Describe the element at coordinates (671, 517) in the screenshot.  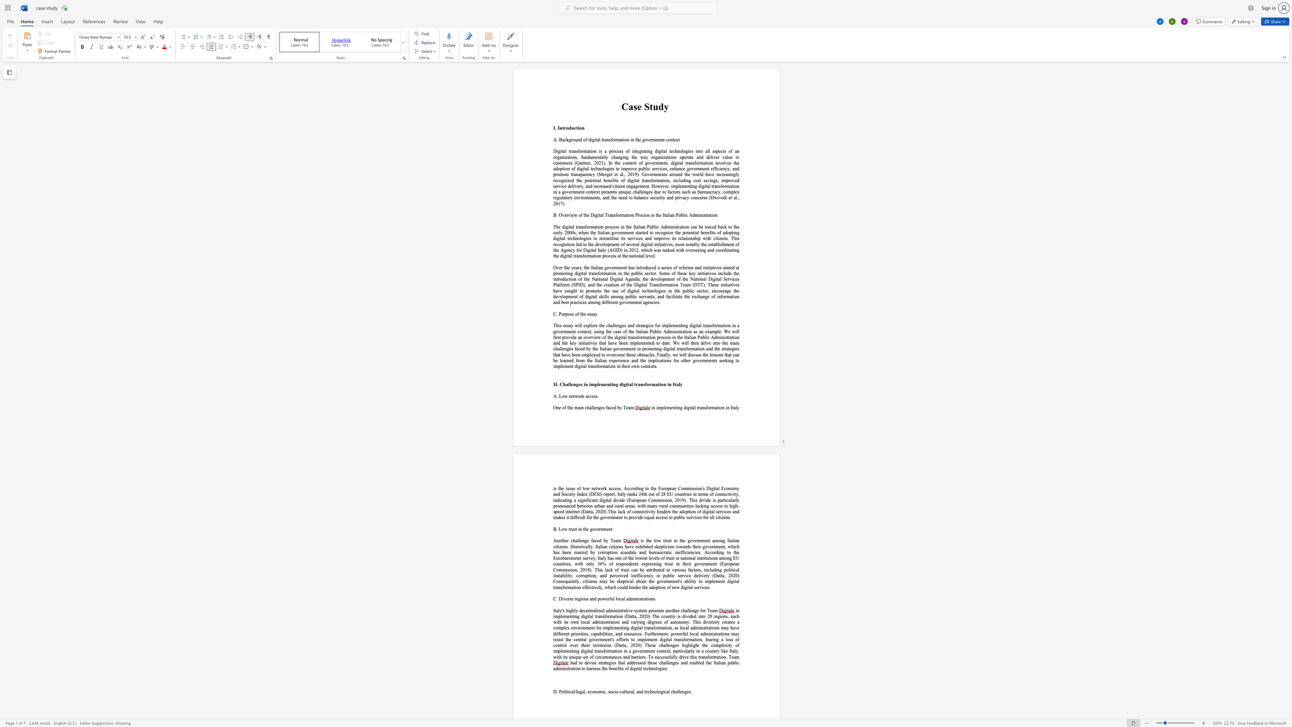
I see `the 10th character "o" in the text` at that location.